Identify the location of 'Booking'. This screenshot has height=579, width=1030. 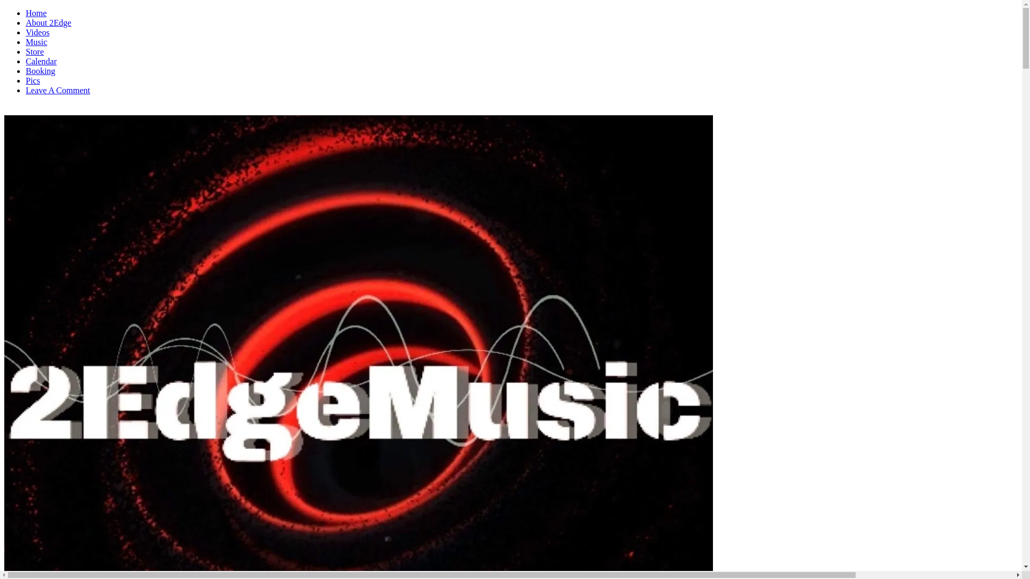
(40, 71).